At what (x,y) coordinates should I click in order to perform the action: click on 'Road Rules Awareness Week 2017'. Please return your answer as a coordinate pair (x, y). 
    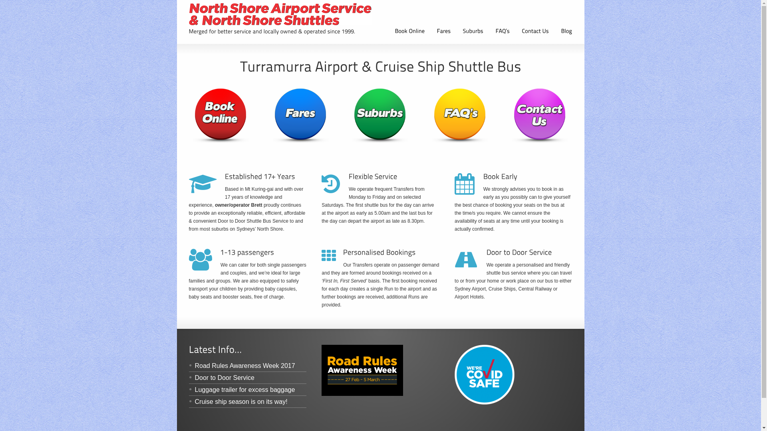
    Looking at the image, I should click on (241, 366).